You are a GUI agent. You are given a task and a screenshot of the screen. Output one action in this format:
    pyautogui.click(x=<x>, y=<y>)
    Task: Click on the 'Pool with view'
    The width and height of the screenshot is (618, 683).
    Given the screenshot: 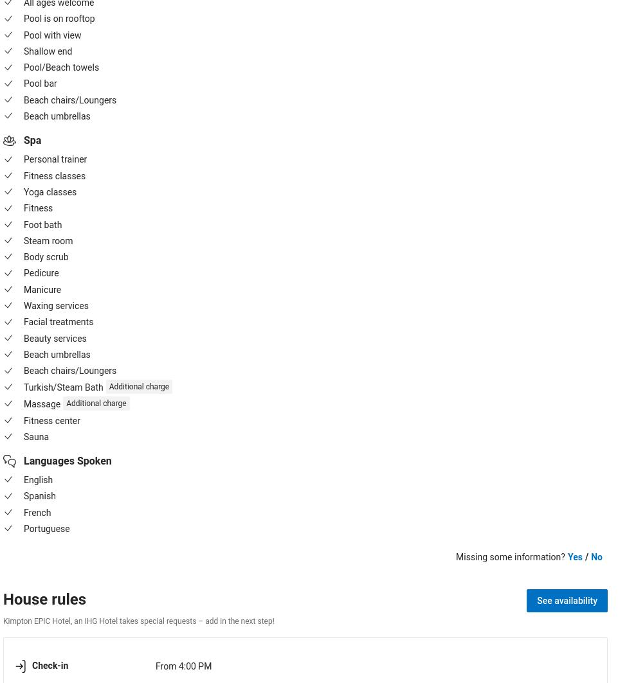 What is the action you would take?
    pyautogui.click(x=52, y=35)
    